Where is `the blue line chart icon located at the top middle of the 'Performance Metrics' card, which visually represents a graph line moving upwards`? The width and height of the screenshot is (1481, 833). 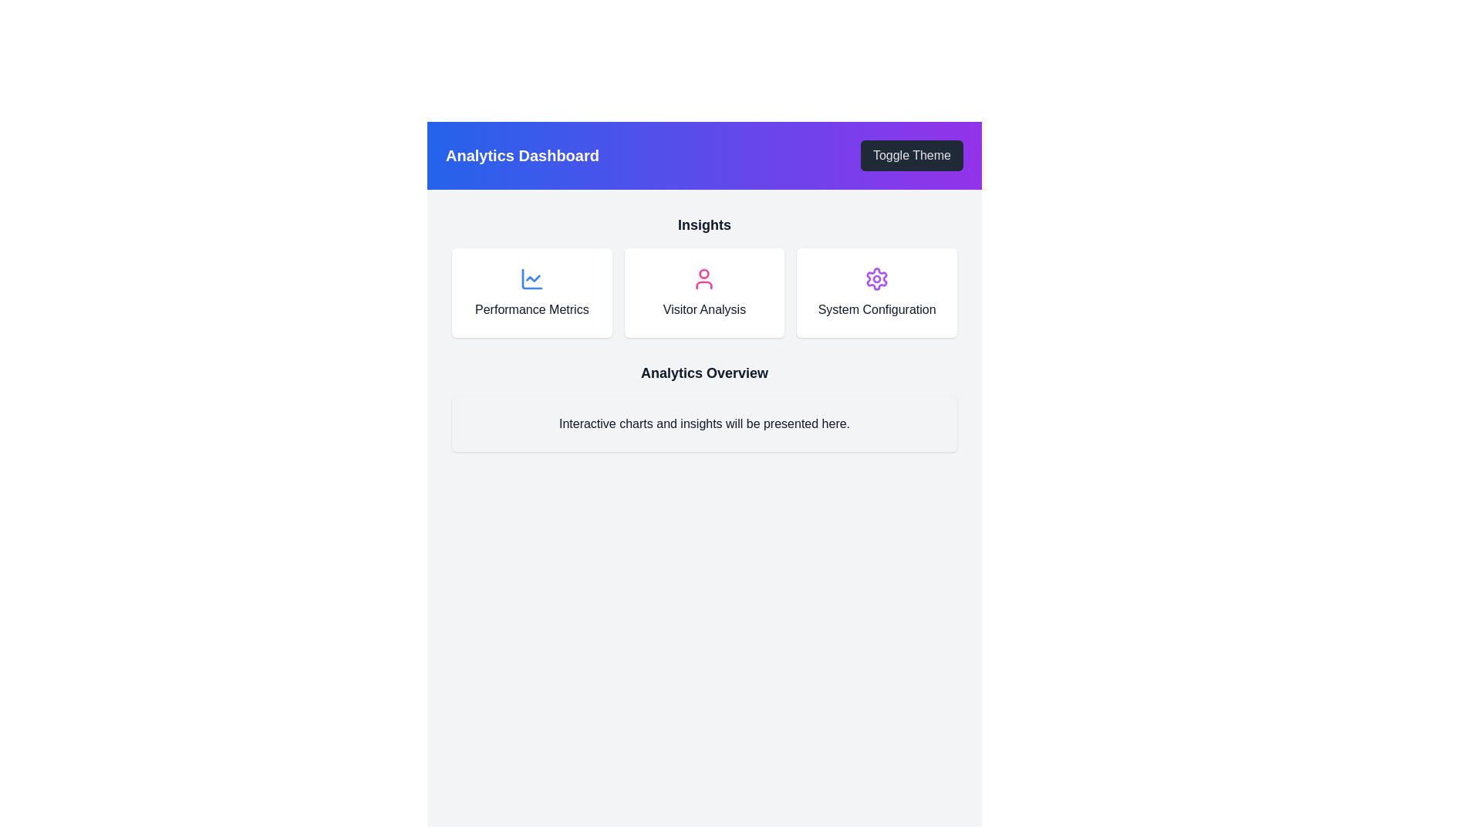 the blue line chart icon located at the top middle of the 'Performance Metrics' card, which visually represents a graph line moving upwards is located at coordinates (531, 279).